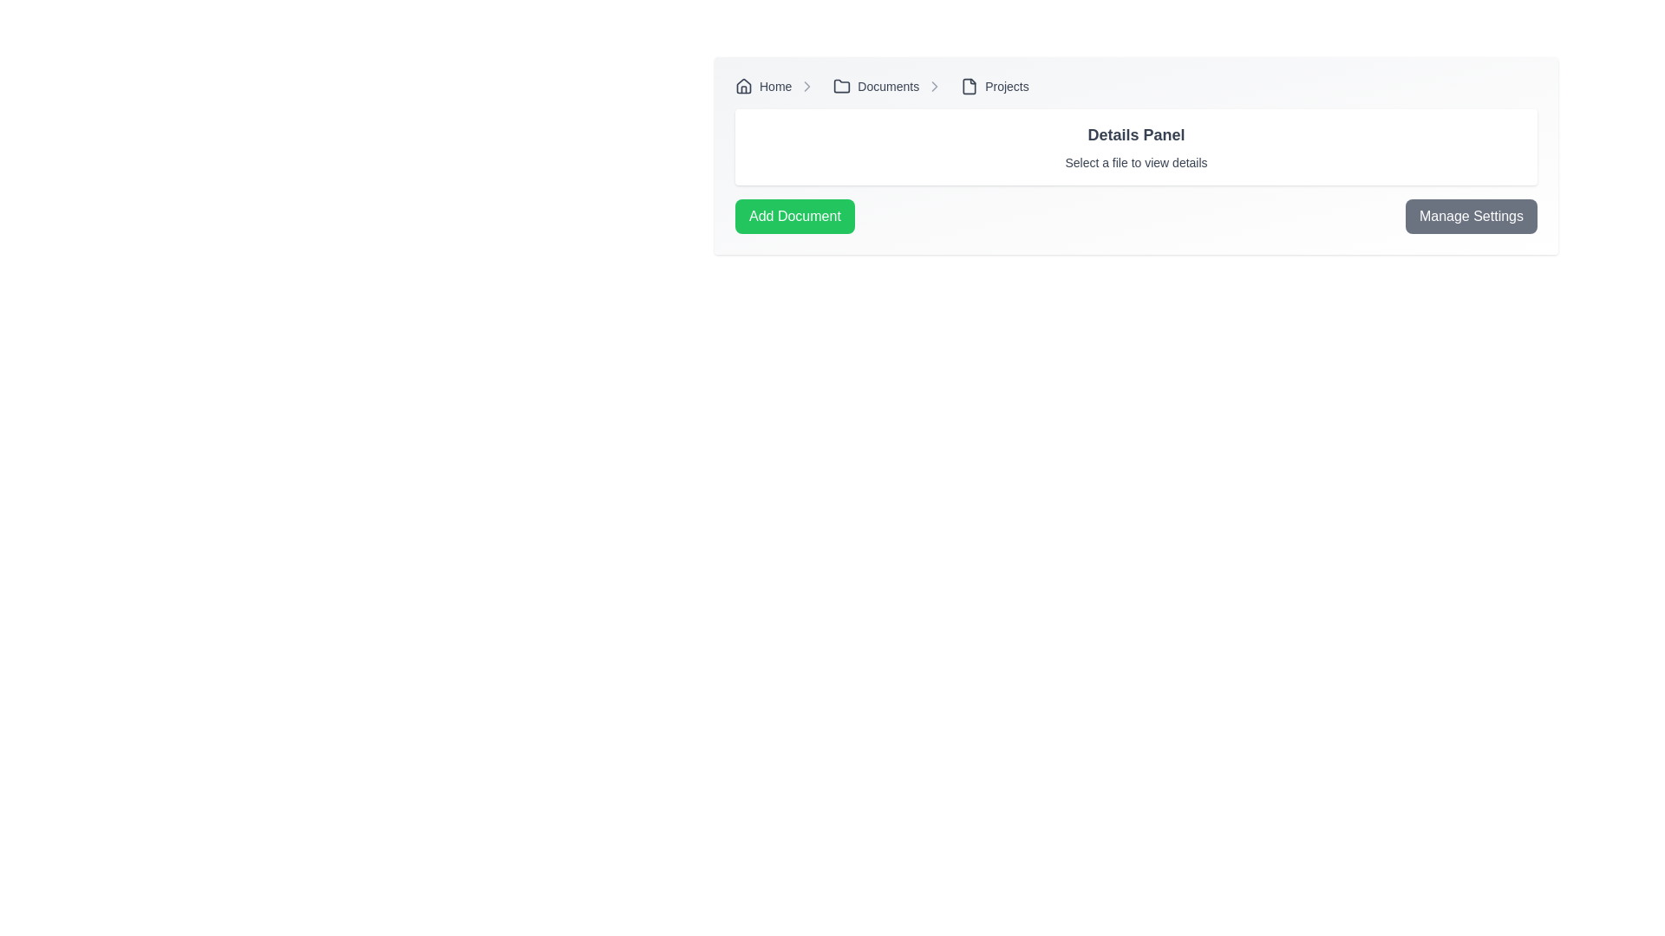 This screenshot has width=1665, height=936. I want to click on attention on the static text label that acts as a title or heading for the panel, located above the text 'Select a file to view details', so click(1136, 133).